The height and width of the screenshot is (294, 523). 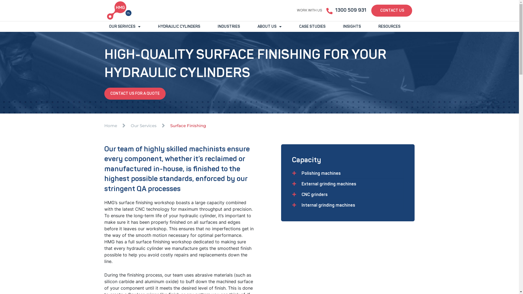 What do you see at coordinates (135, 93) in the screenshot?
I see `'CONTACT US FOR A QUOTE'` at bounding box center [135, 93].